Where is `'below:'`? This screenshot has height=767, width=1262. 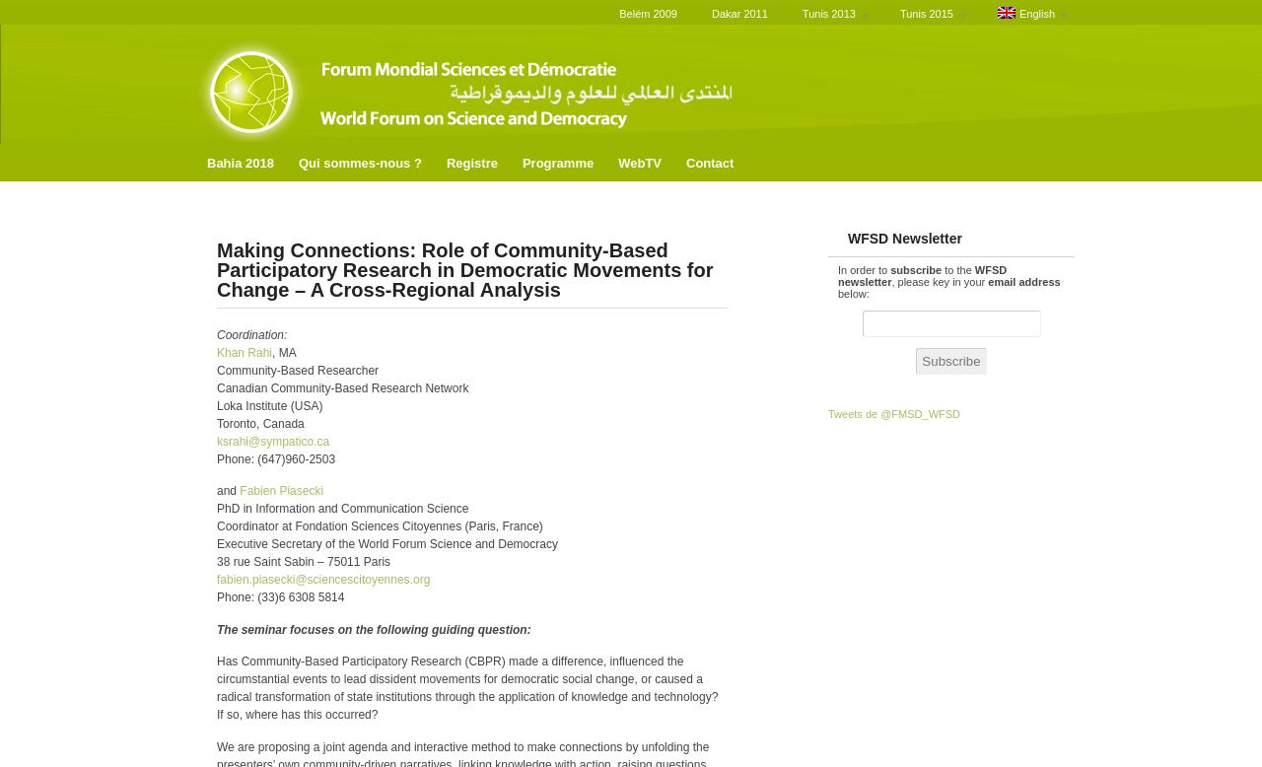
'below:' is located at coordinates (853, 293).